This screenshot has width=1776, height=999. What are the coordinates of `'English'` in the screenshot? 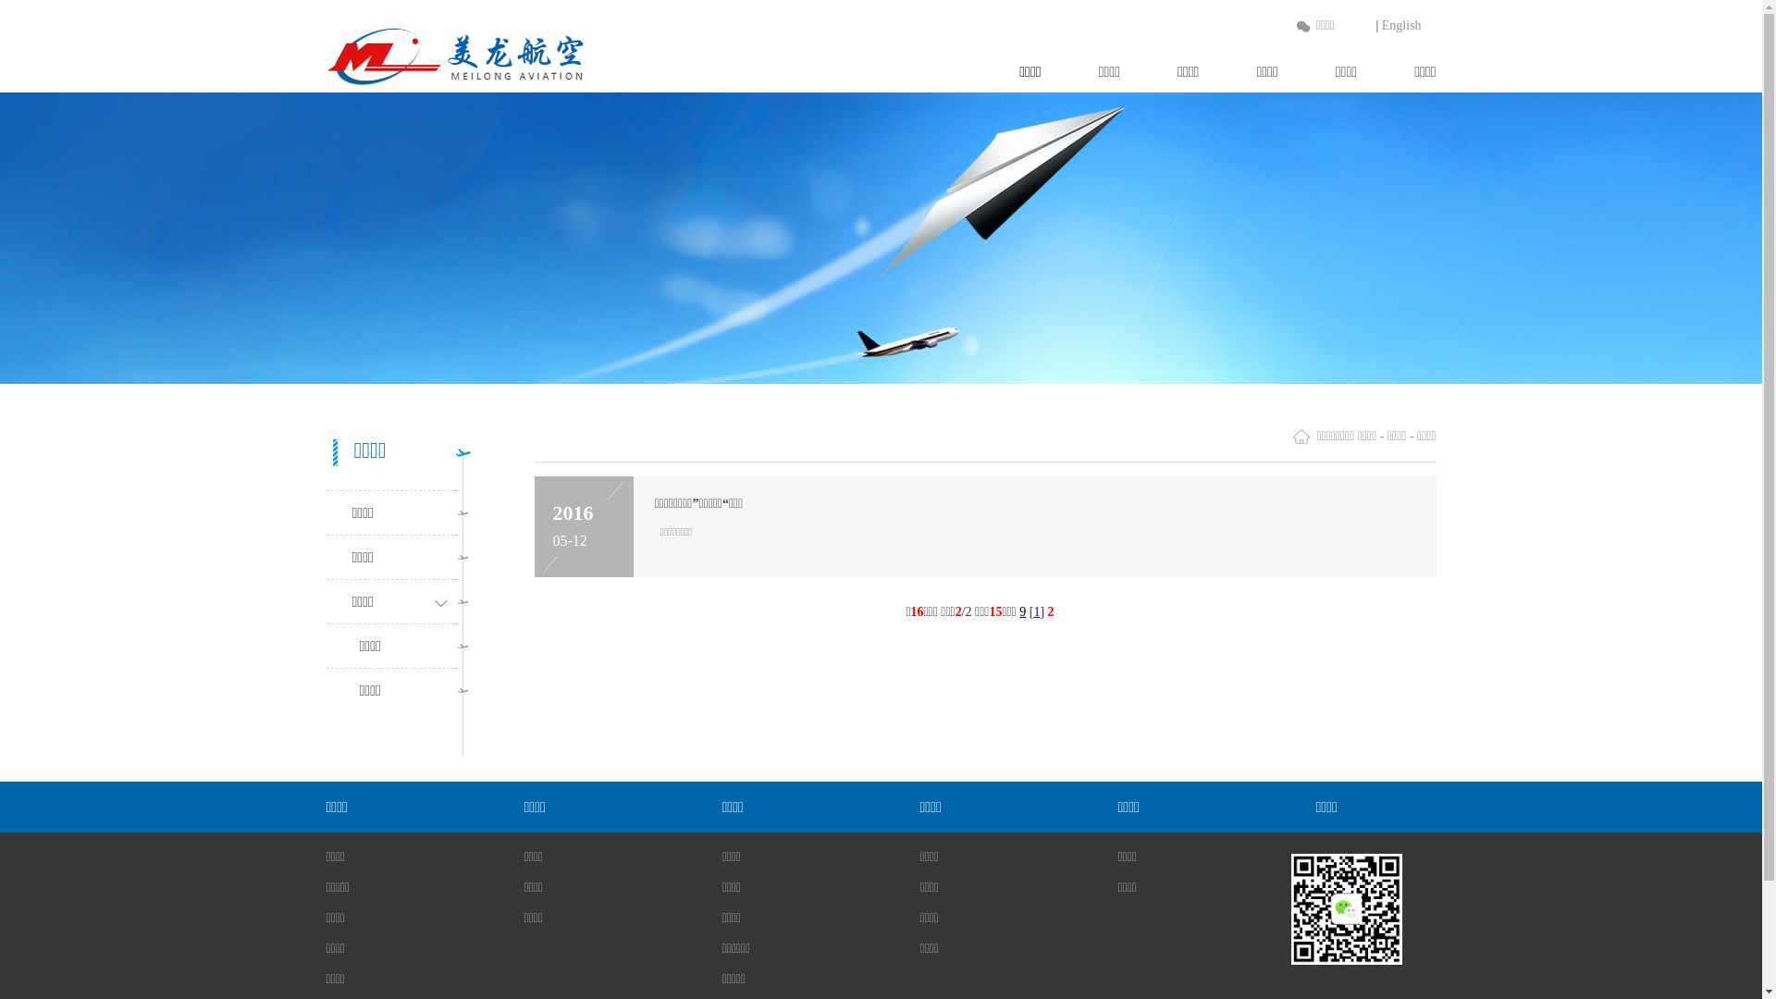 It's located at (1401, 25).